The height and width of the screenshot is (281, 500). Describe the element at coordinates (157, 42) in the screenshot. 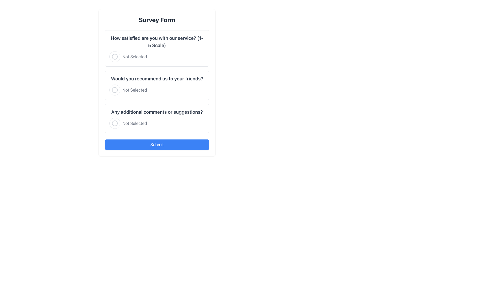

I see `the text block that reads 'How satisfied are you with our service? (1-5 Scale)', which is located at the top of the question card with a gray color and a bold, large-sized font` at that location.